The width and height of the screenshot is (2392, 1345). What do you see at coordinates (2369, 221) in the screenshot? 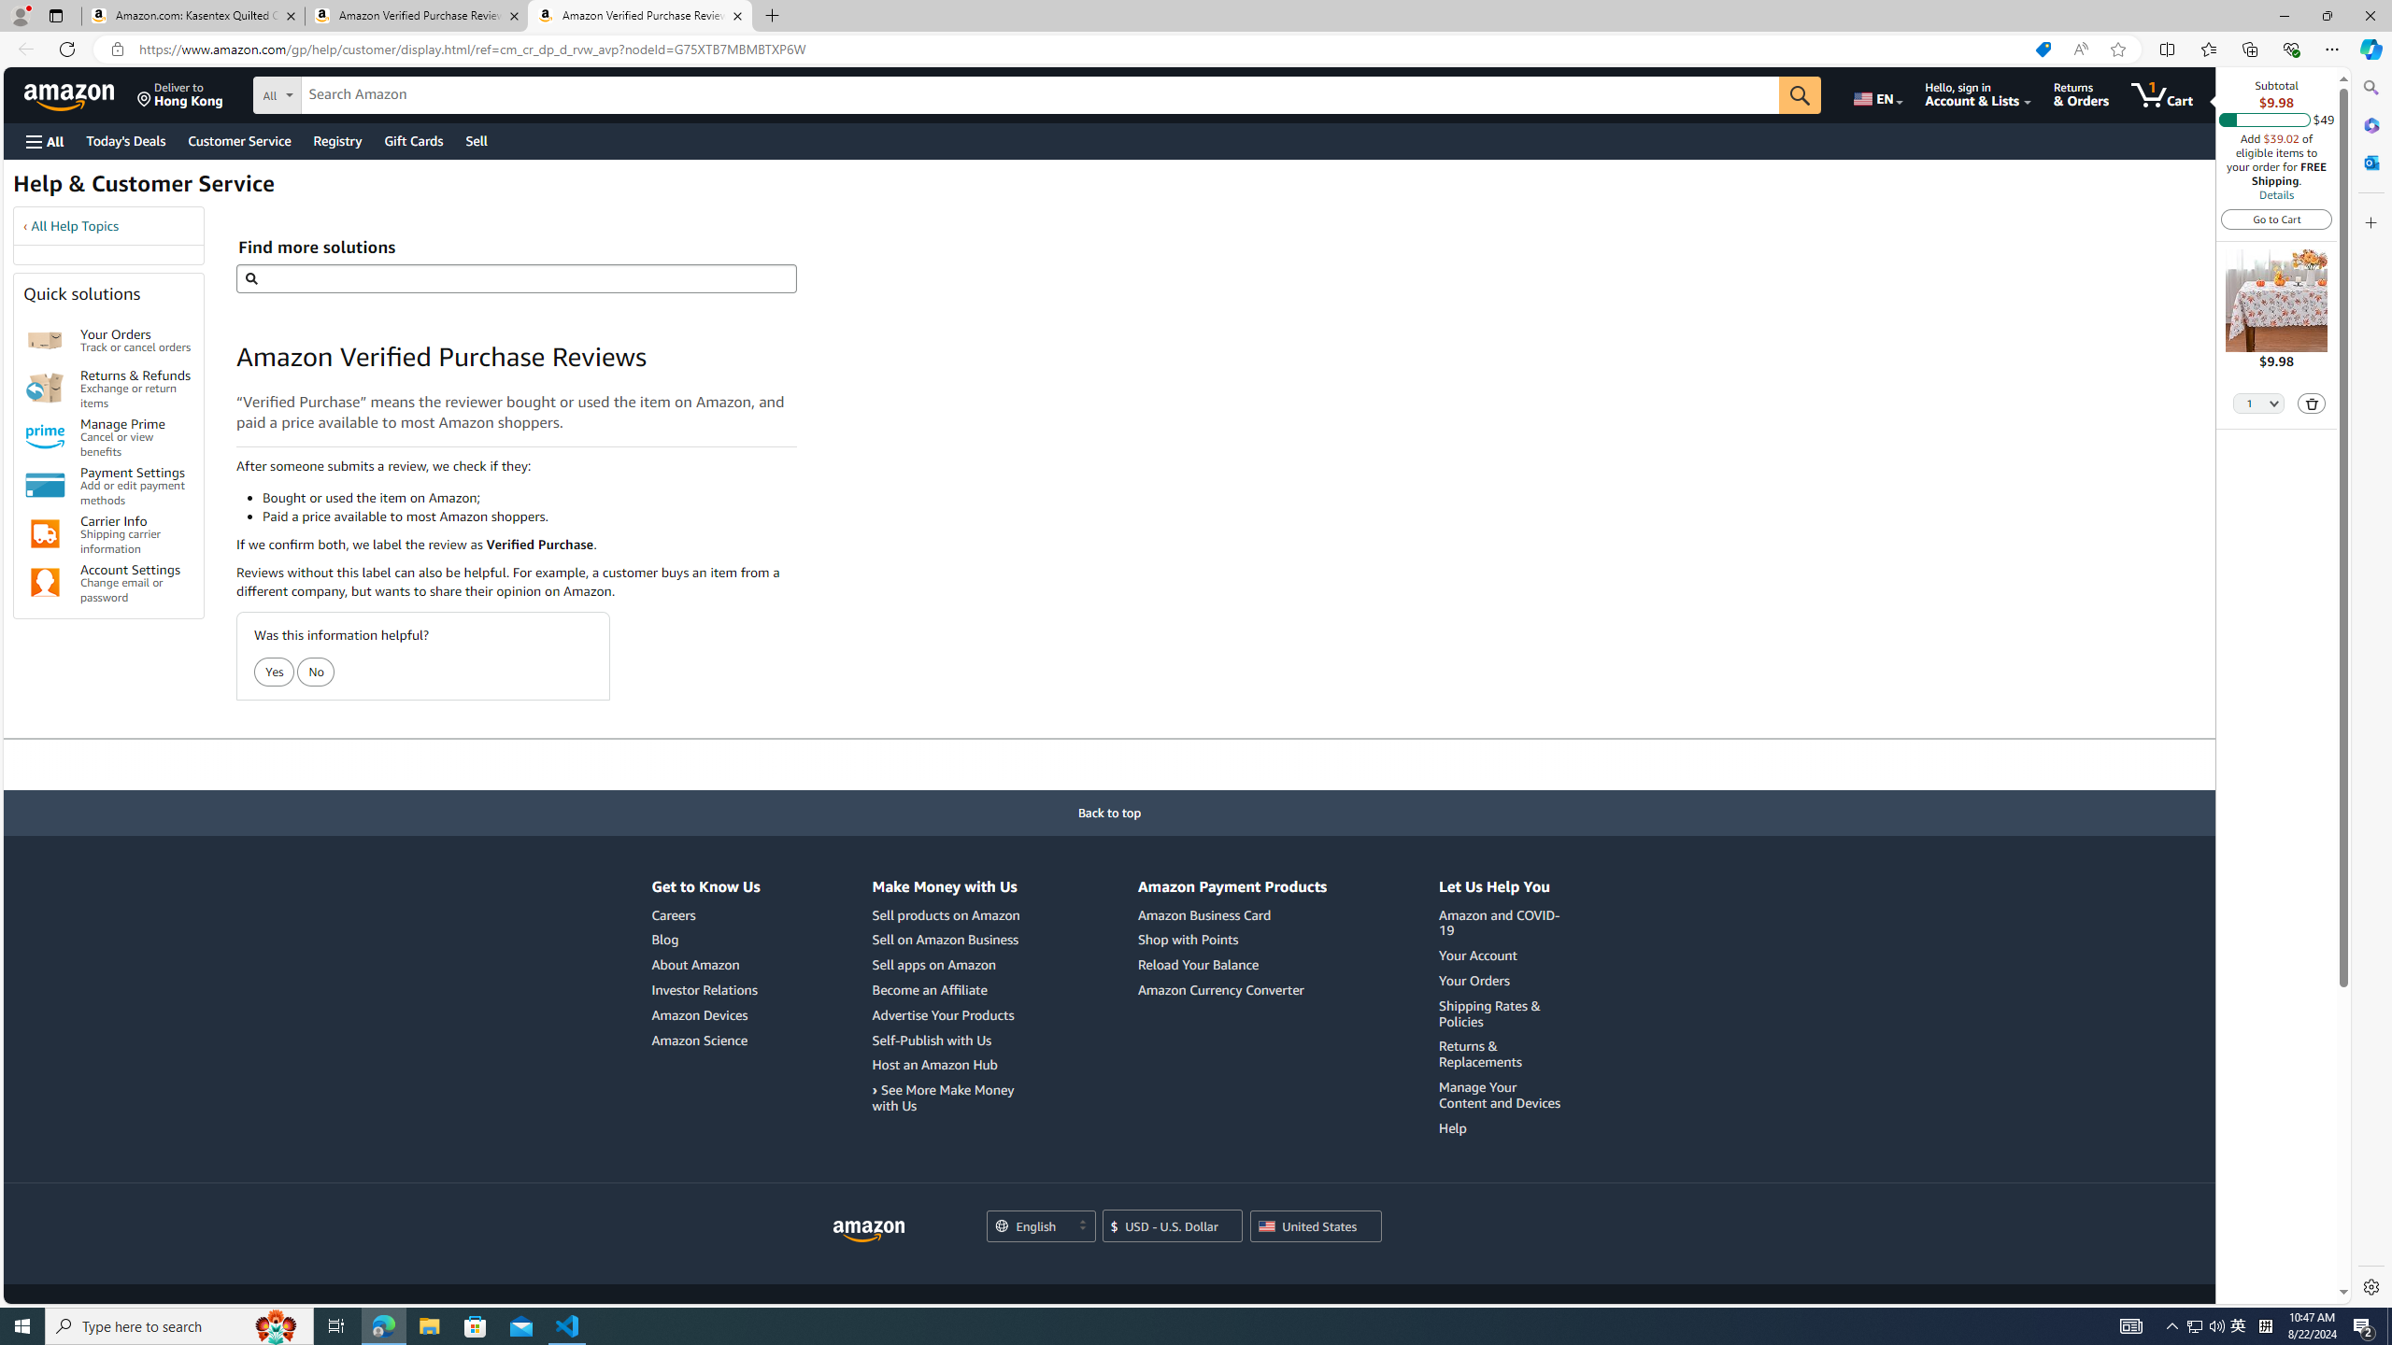
I see `'Customize'` at bounding box center [2369, 221].